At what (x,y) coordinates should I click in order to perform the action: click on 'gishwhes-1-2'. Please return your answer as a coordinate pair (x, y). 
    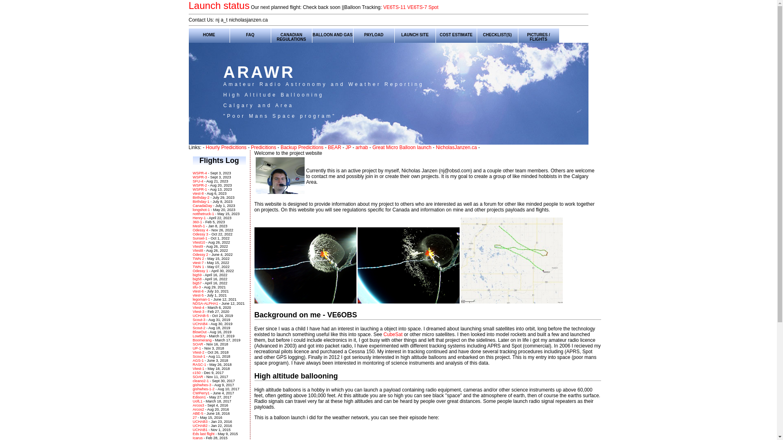
    Looking at the image, I should click on (192, 389).